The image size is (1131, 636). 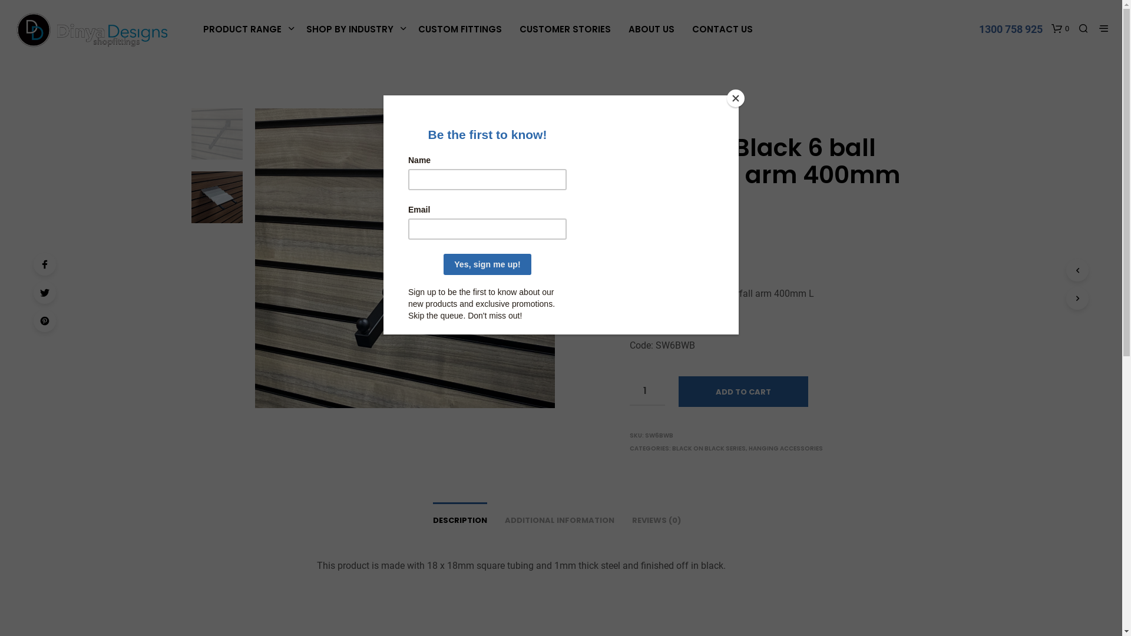 I want to click on 'DESCRIPTION', so click(x=458, y=516).